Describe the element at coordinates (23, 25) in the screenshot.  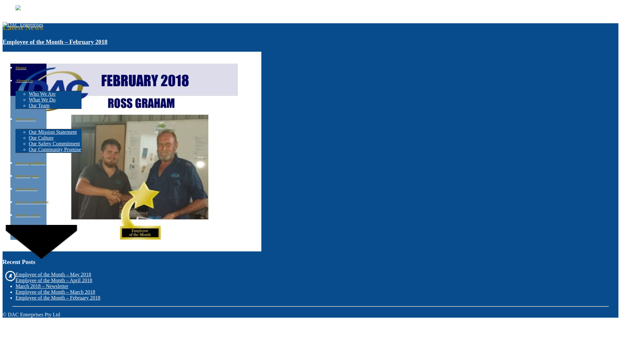
I see `'DAC Enterprises'` at that location.